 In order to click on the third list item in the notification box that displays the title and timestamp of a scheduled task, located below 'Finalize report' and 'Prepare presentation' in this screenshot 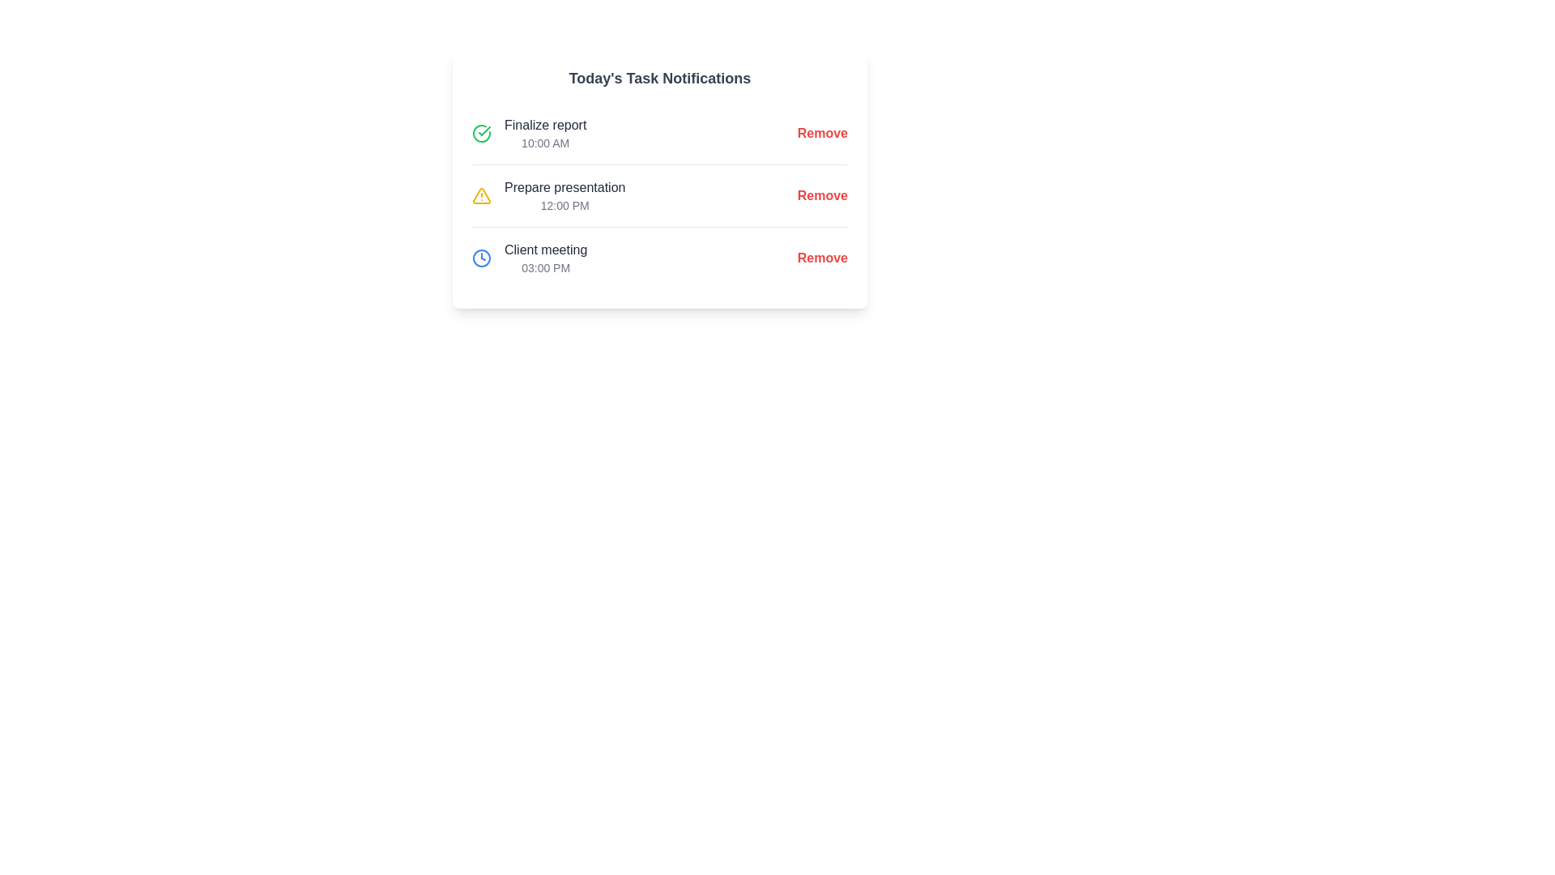, I will do `click(530, 258)`.